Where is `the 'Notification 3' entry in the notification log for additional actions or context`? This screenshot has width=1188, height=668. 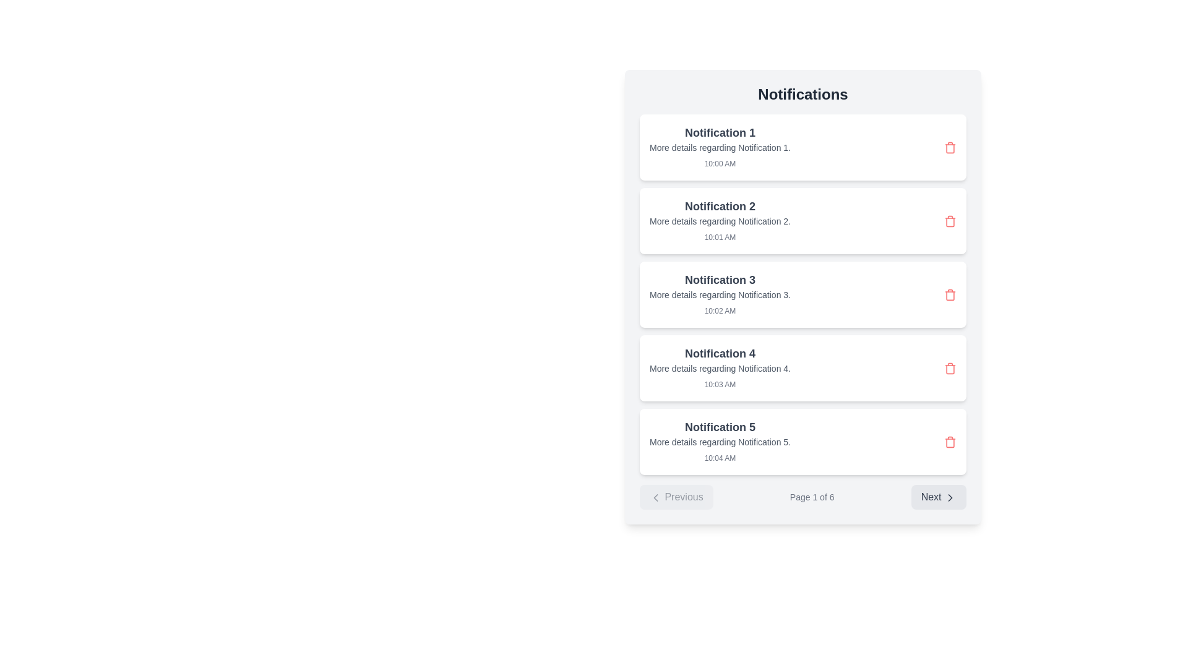
the 'Notification 3' entry in the notification log for additional actions or context is located at coordinates (720, 294).